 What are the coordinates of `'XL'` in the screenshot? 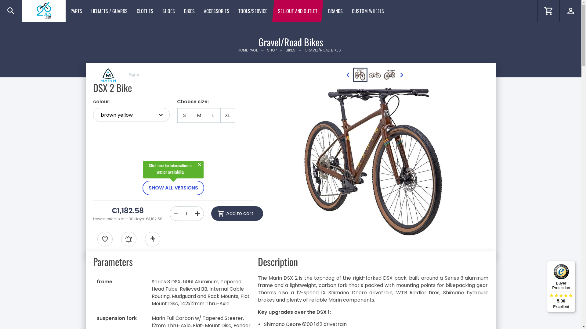 It's located at (227, 115).